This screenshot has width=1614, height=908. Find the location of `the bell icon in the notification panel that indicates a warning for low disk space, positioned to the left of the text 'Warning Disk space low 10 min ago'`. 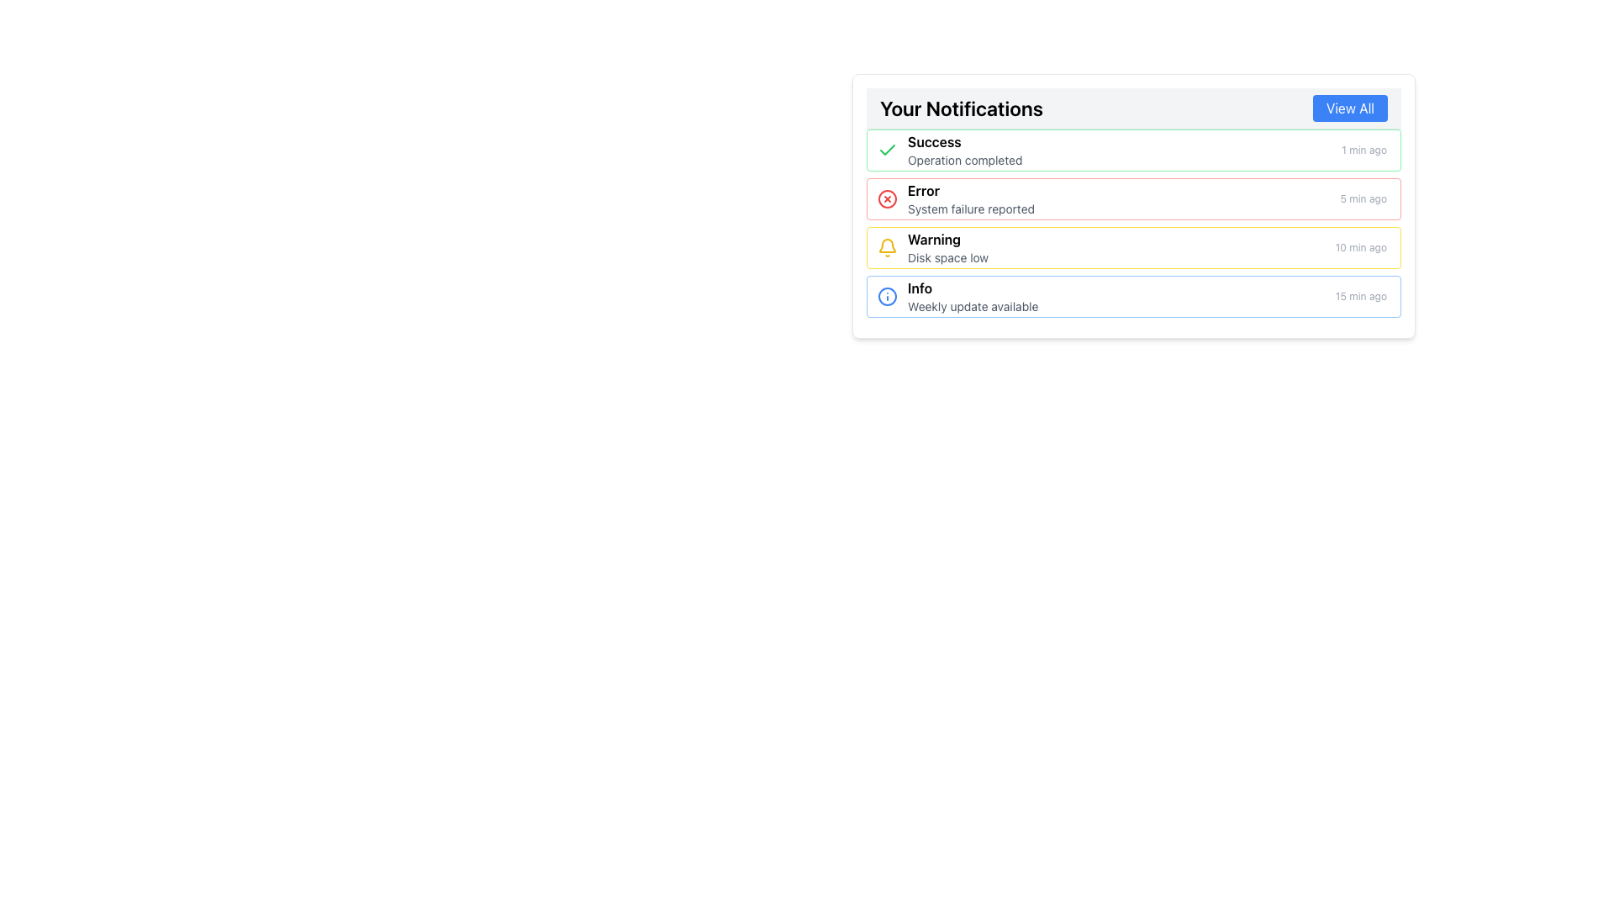

the bell icon in the notification panel that indicates a warning for low disk space, positioned to the left of the text 'Warning Disk space low 10 min ago' is located at coordinates (887, 247).